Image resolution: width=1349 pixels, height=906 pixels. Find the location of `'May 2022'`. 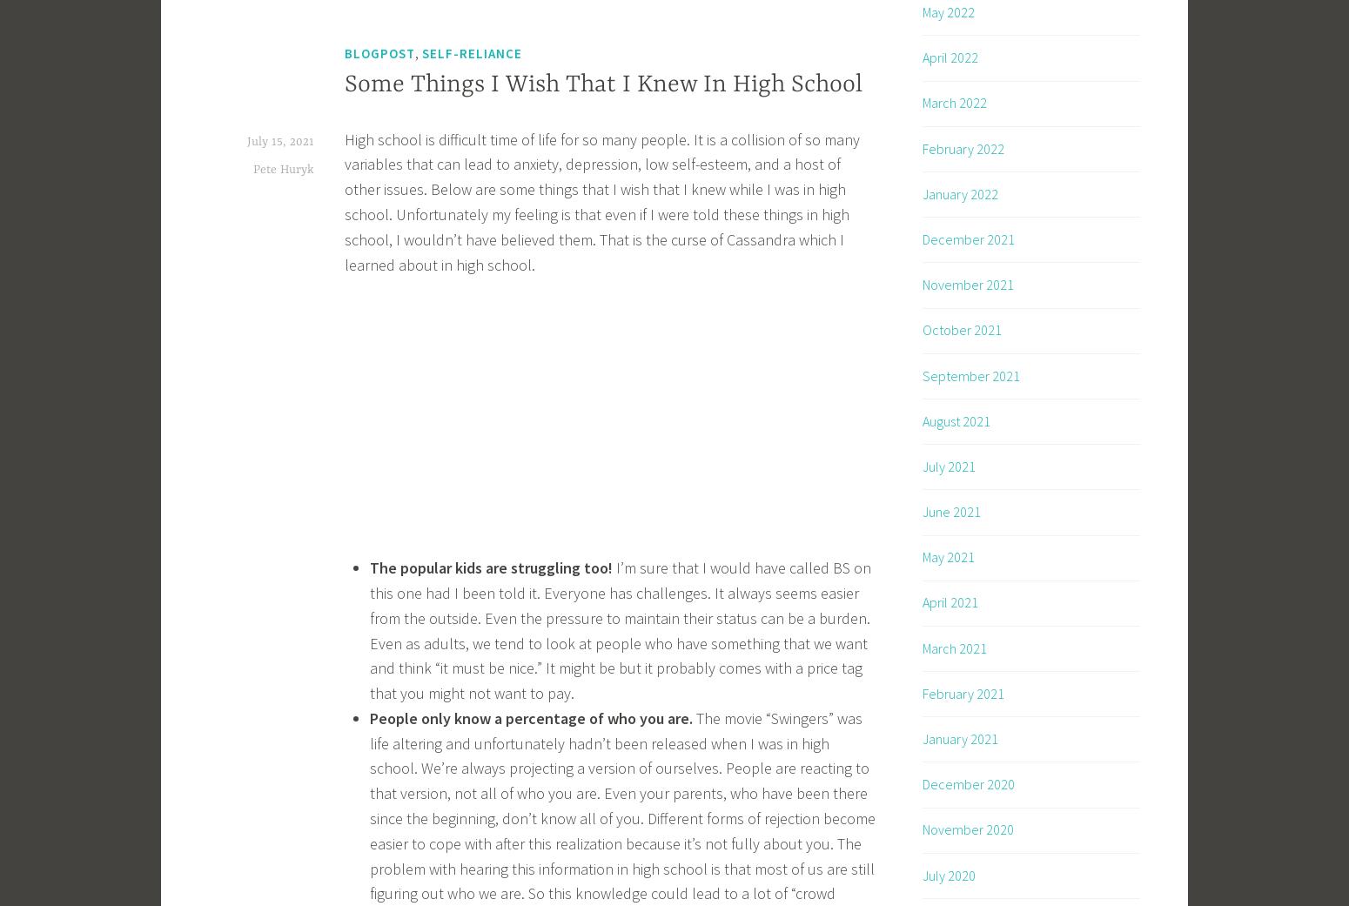

'May 2022' is located at coordinates (947, 10).